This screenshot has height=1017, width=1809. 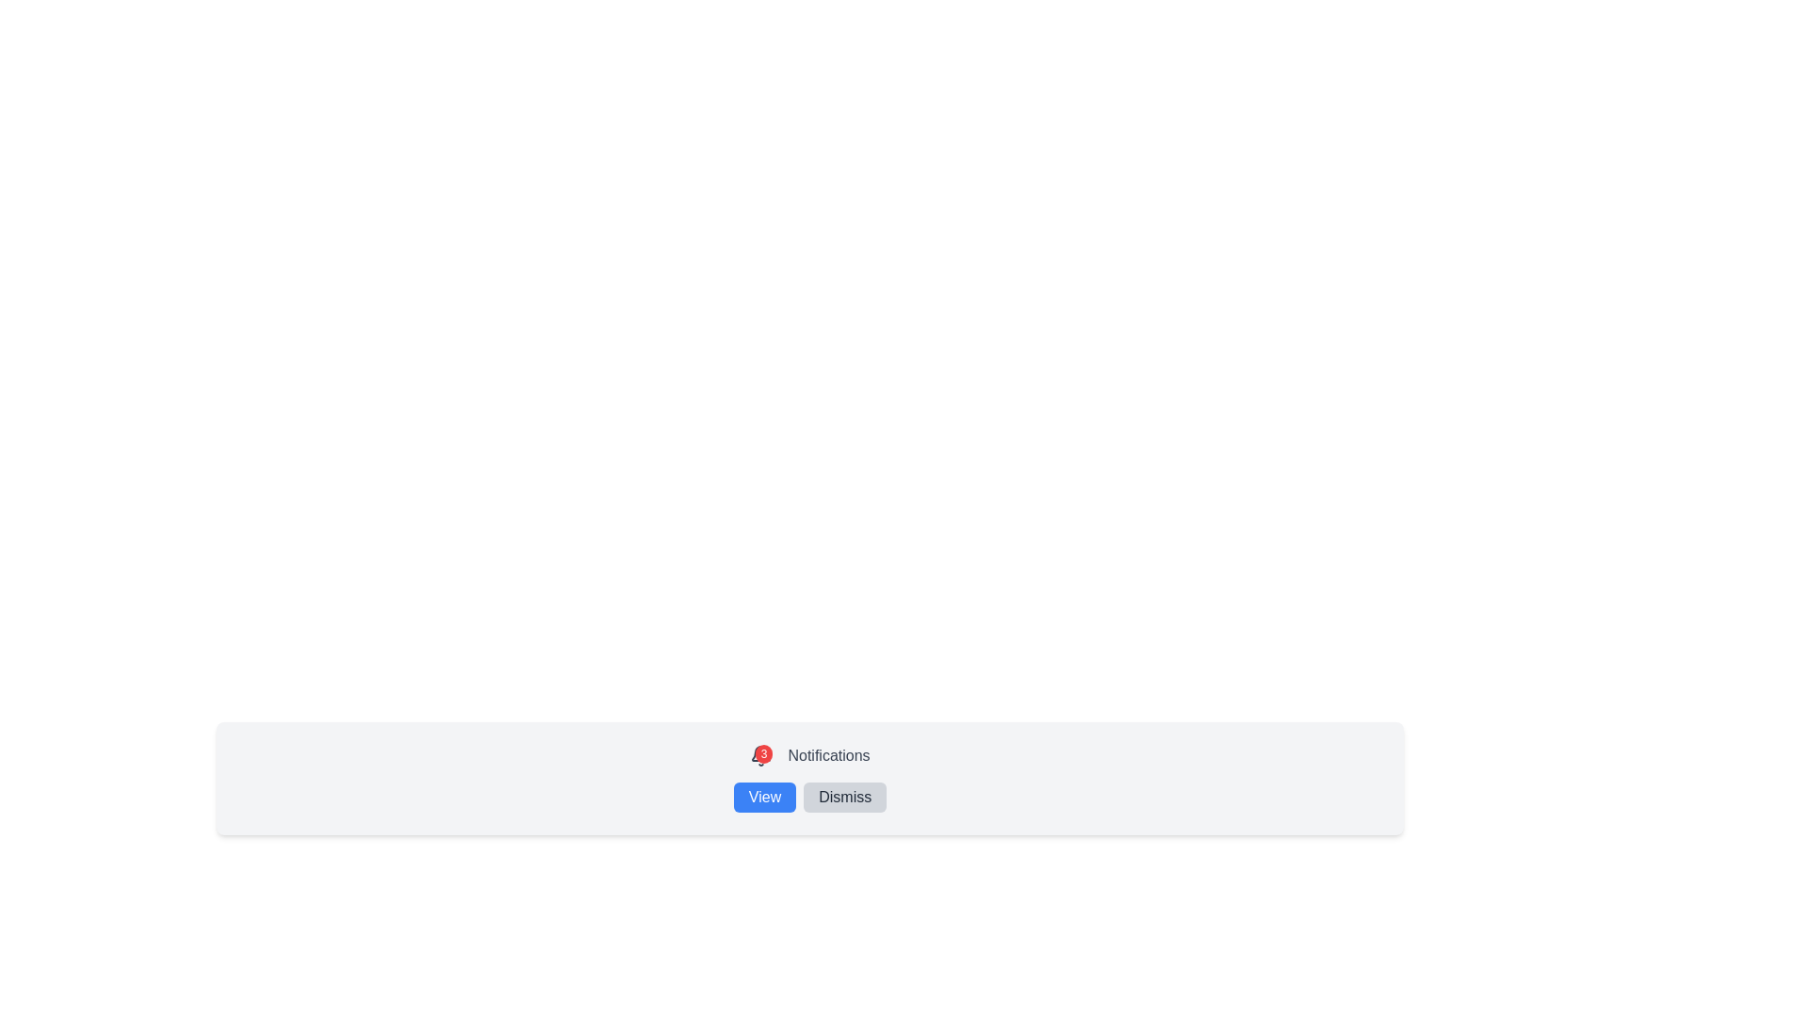 What do you see at coordinates (764, 798) in the screenshot?
I see `the modern blue 'View' button with rounded corners located near the bottom-center of the interface` at bounding box center [764, 798].